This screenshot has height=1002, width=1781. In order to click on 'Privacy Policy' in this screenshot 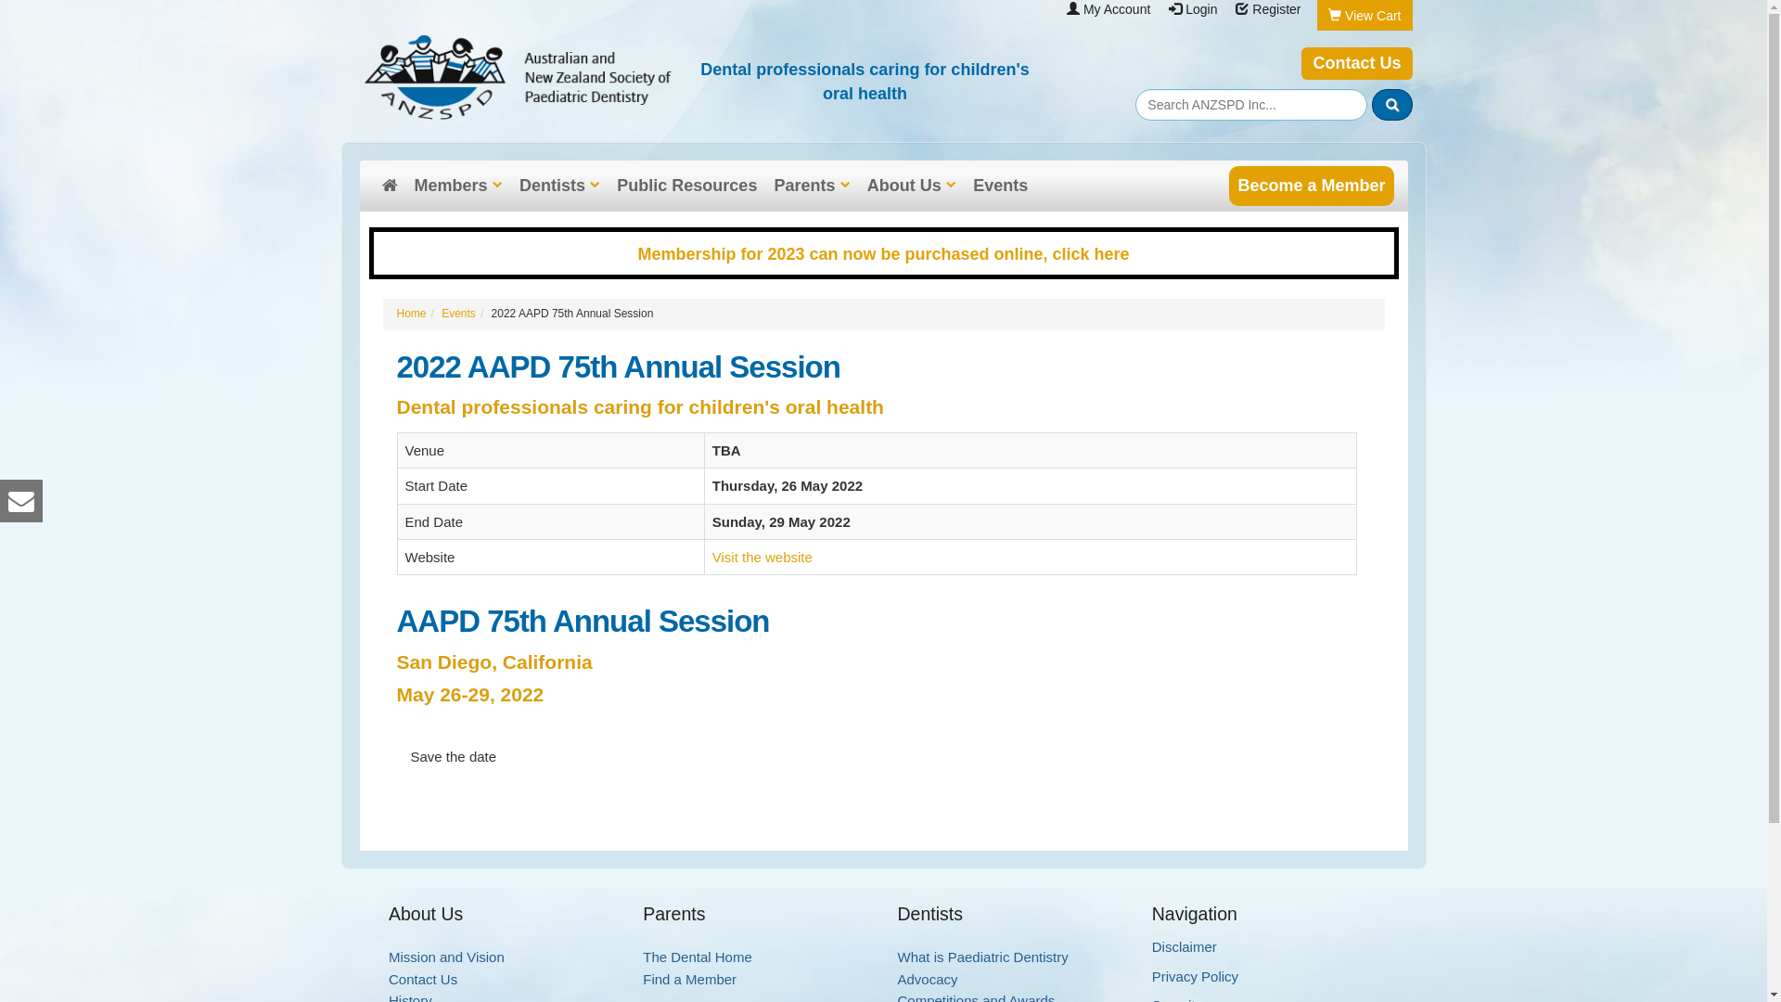, I will do `click(1195, 975)`.